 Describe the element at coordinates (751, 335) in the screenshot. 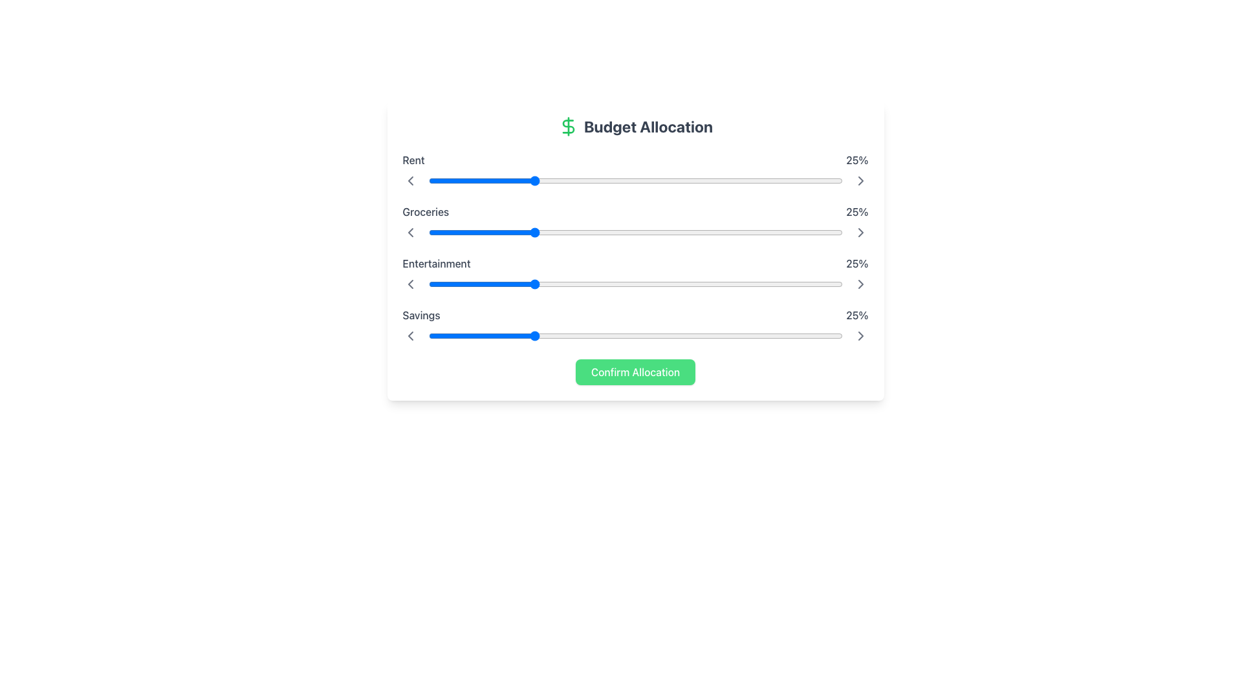

I see `the slider value` at that location.